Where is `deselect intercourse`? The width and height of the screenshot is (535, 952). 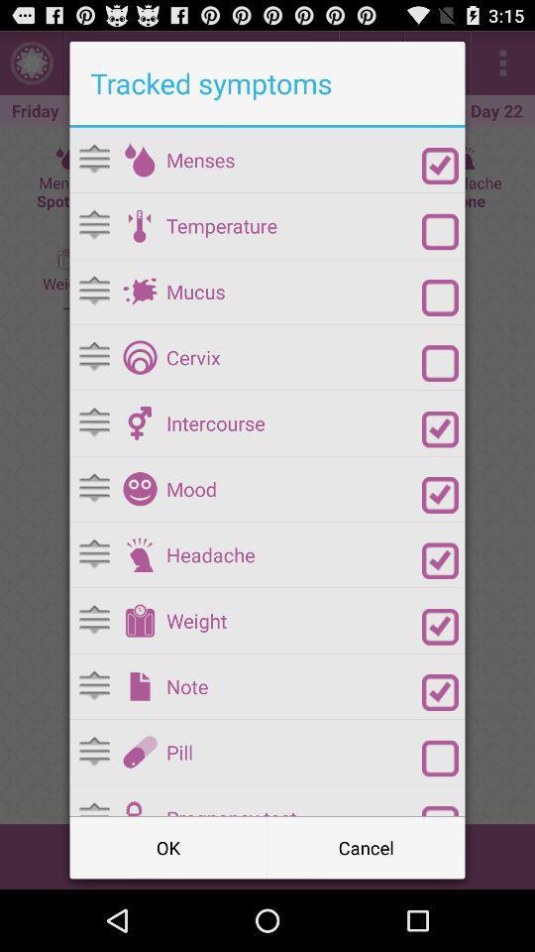 deselect intercourse is located at coordinates (440, 429).